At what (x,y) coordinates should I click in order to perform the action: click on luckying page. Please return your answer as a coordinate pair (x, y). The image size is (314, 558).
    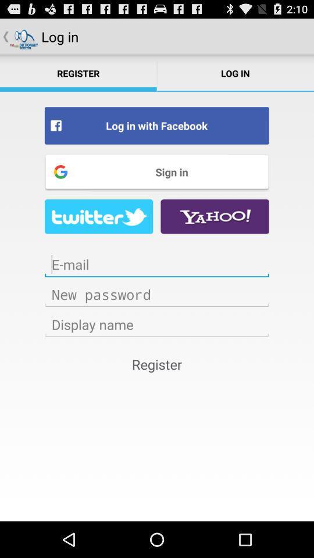
    Looking at the image, I should click on (99, 216).